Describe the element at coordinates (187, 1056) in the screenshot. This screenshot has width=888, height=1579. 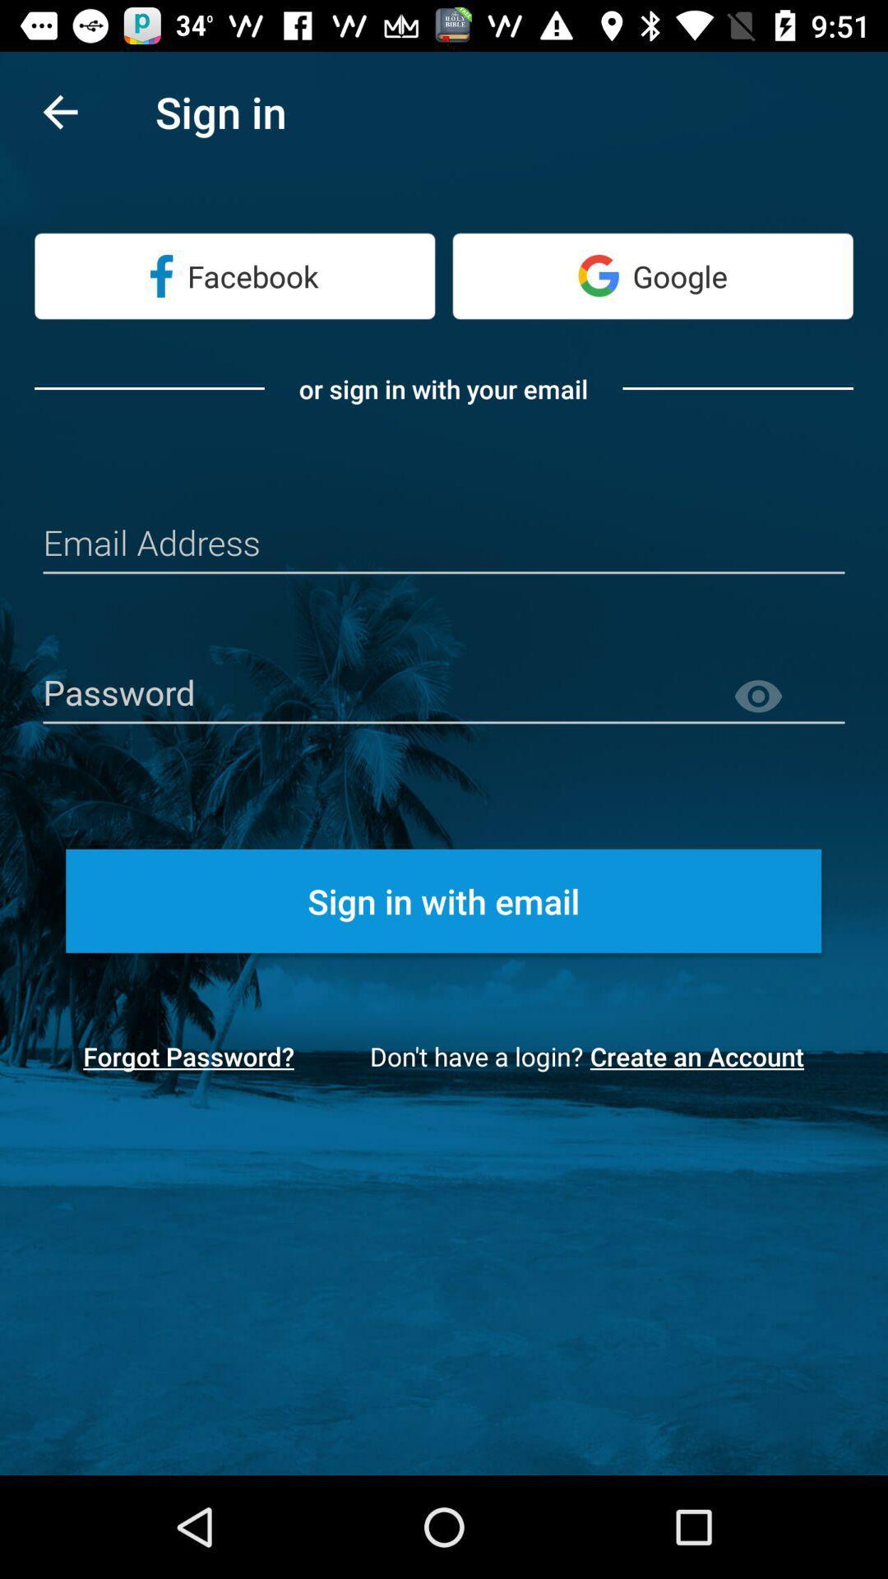
I see `the item at the bottom left corner` at that location.